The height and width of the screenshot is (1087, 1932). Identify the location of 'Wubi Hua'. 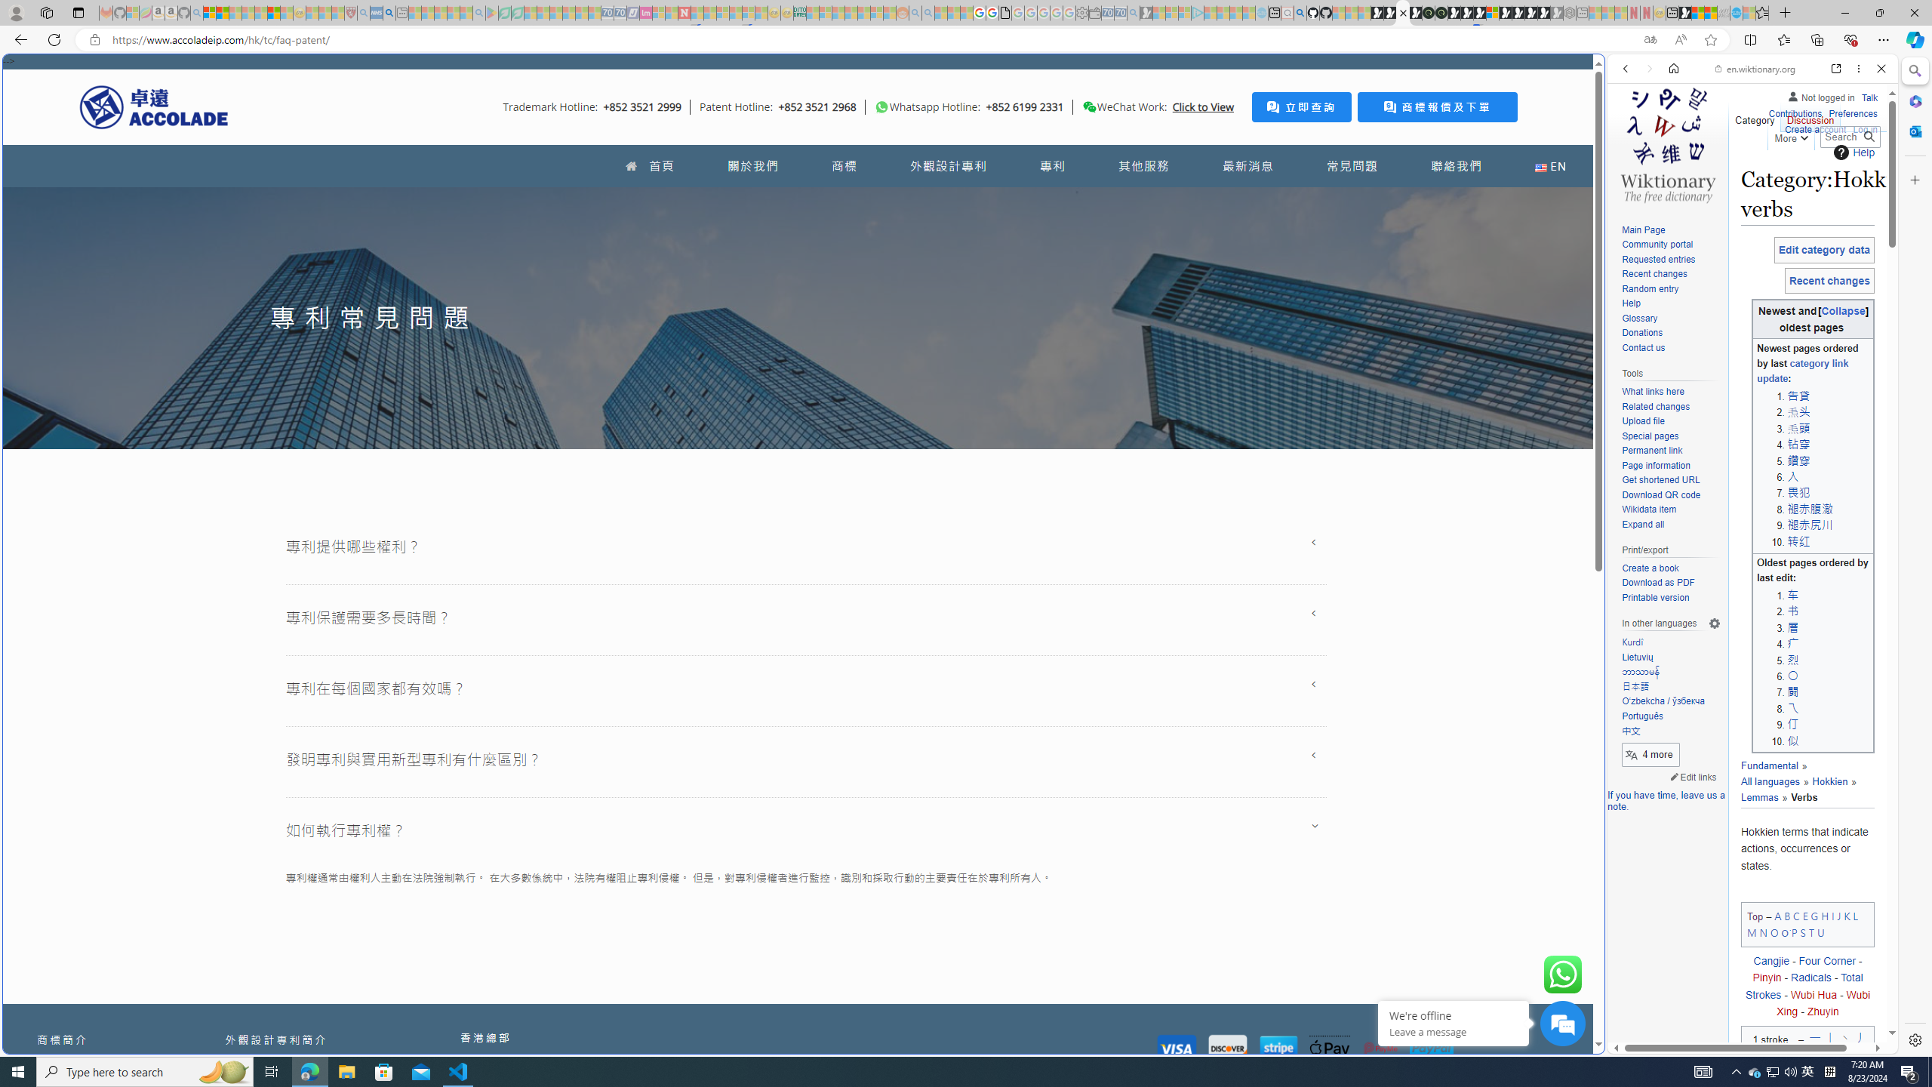
(1813, 994).